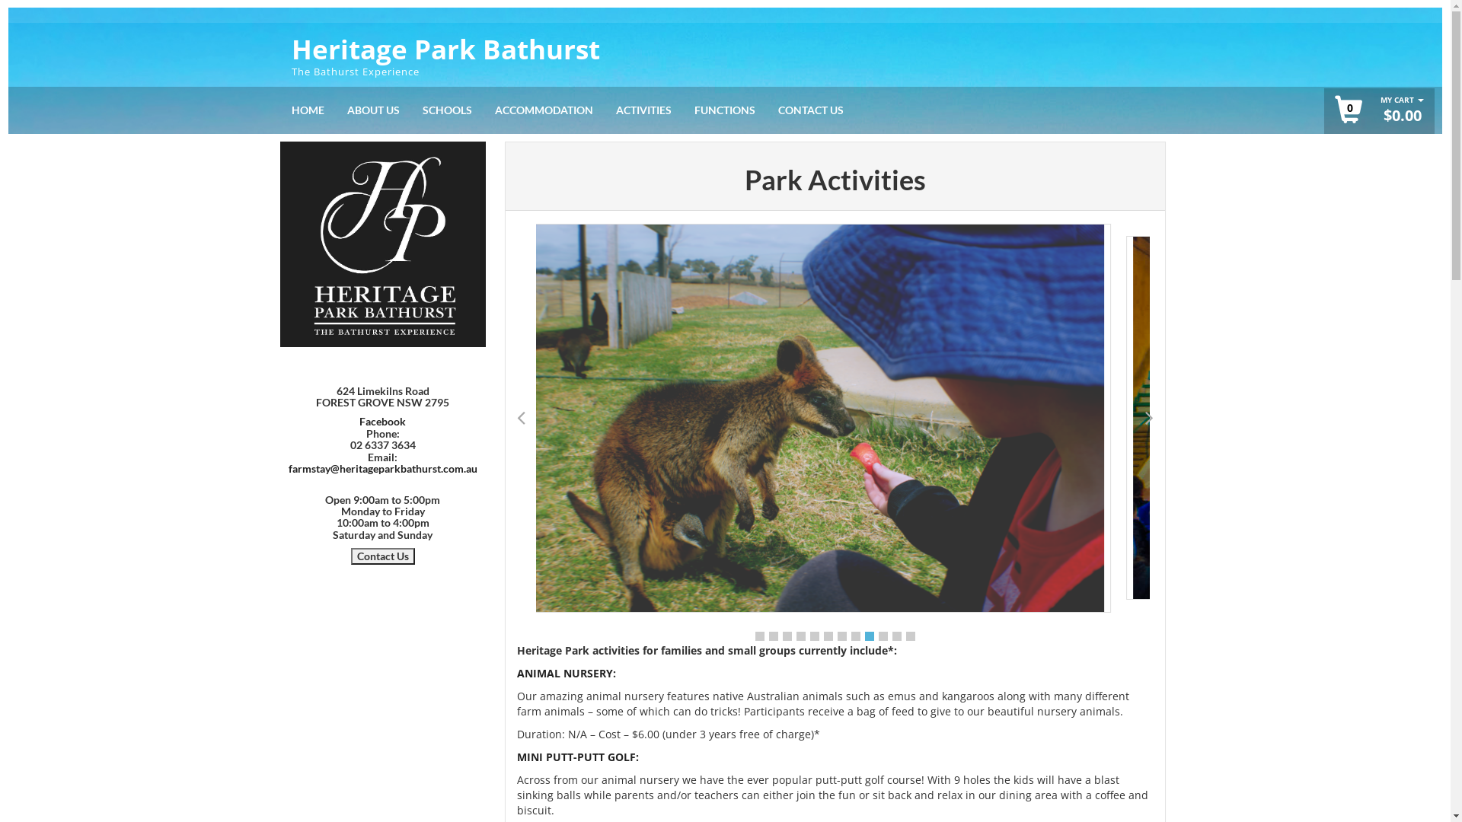 Image resolution: width=1462 pixels, height=822 pixels. Describe the element at coordinates (543, 110) in the screenshot. I see `'ACCOMMODATION'` at that location.